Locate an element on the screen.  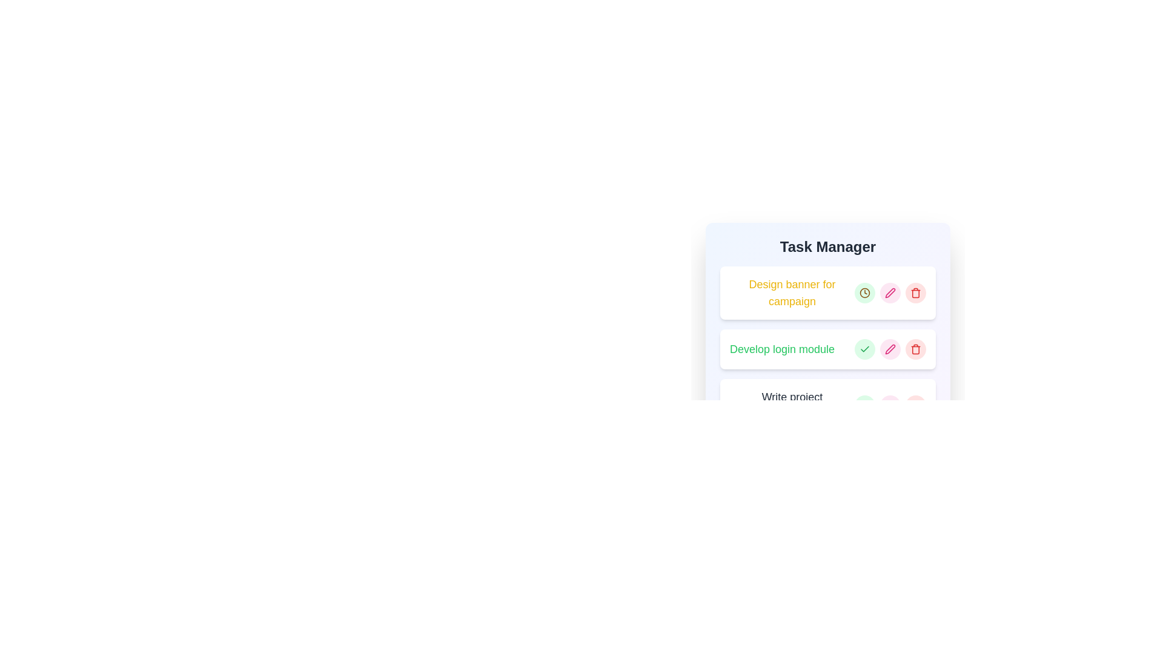
the pen-shaped icon button with a pink color located within a circular pink background in the 'Develop login module' task row is located at coordinates (890, 292).